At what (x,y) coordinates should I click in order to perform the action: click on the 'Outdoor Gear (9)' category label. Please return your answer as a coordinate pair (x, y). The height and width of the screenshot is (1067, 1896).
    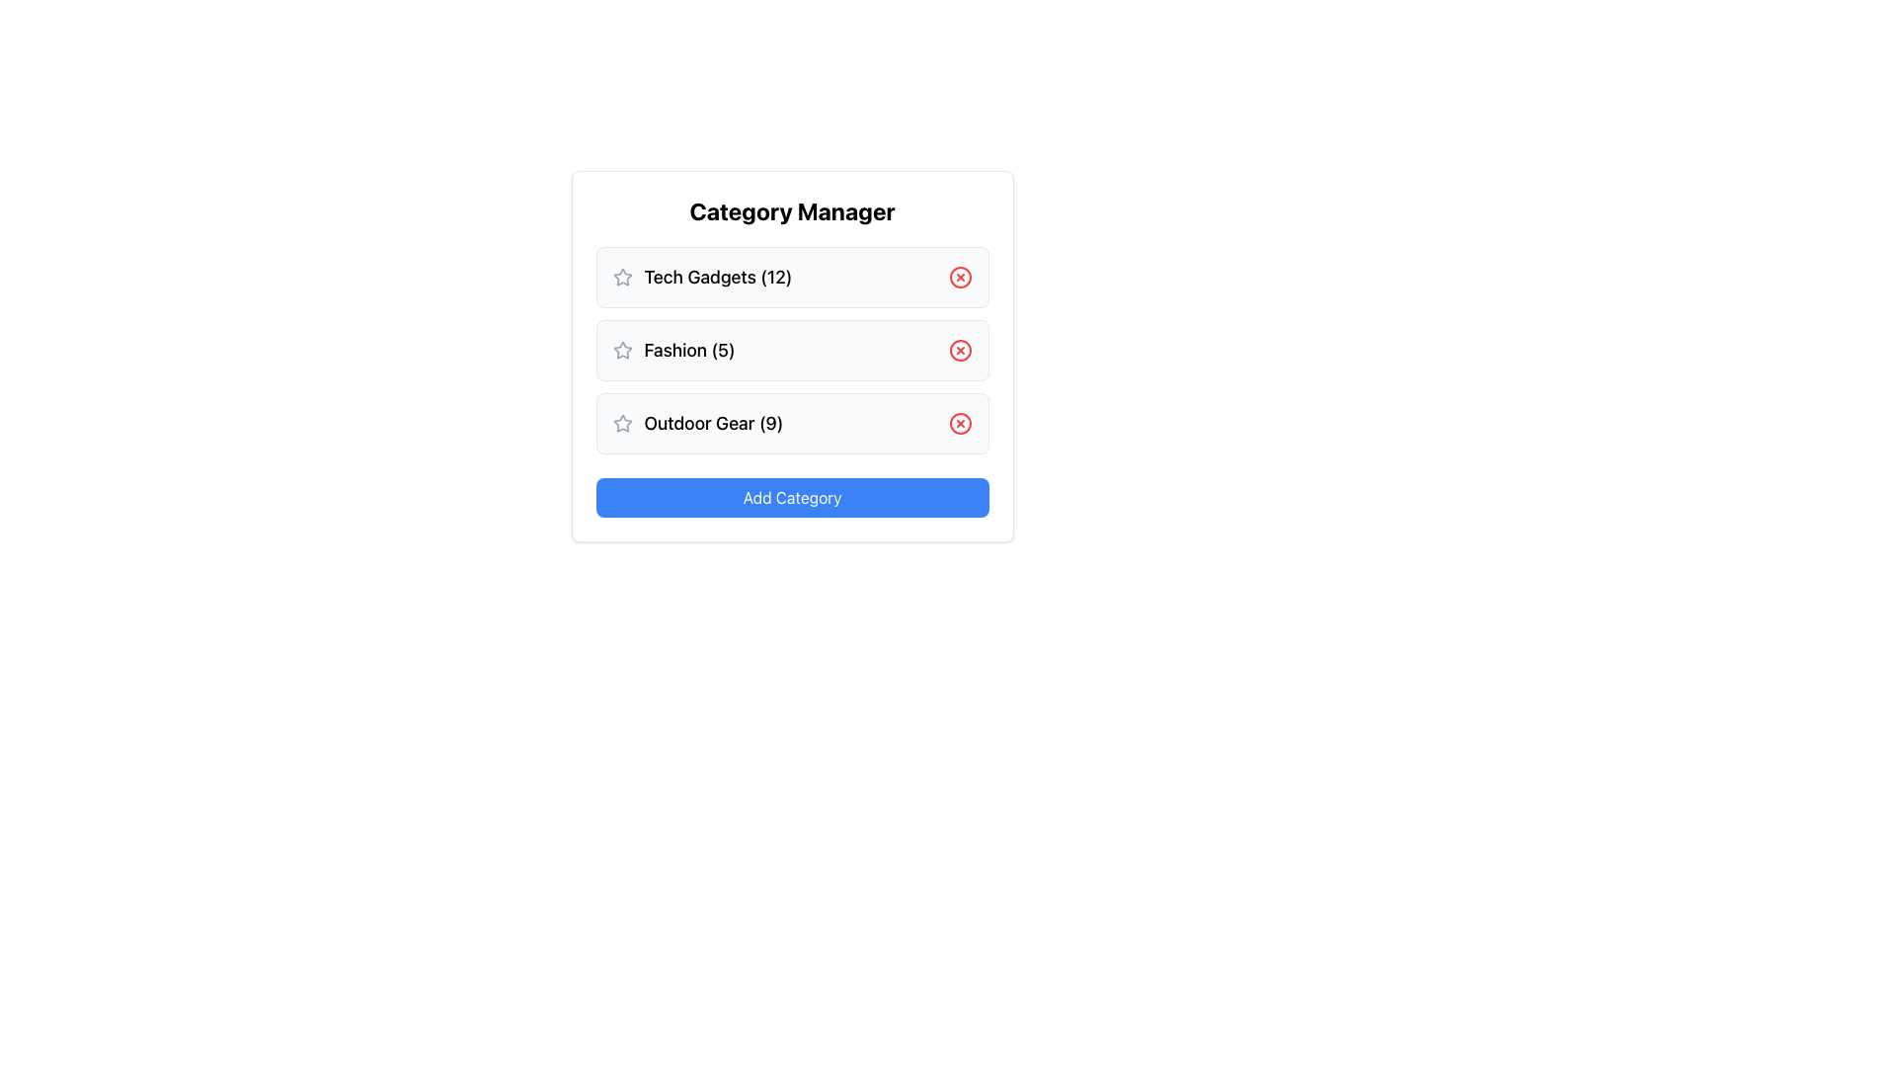
    Looking at the image, I should click on (697, 422).